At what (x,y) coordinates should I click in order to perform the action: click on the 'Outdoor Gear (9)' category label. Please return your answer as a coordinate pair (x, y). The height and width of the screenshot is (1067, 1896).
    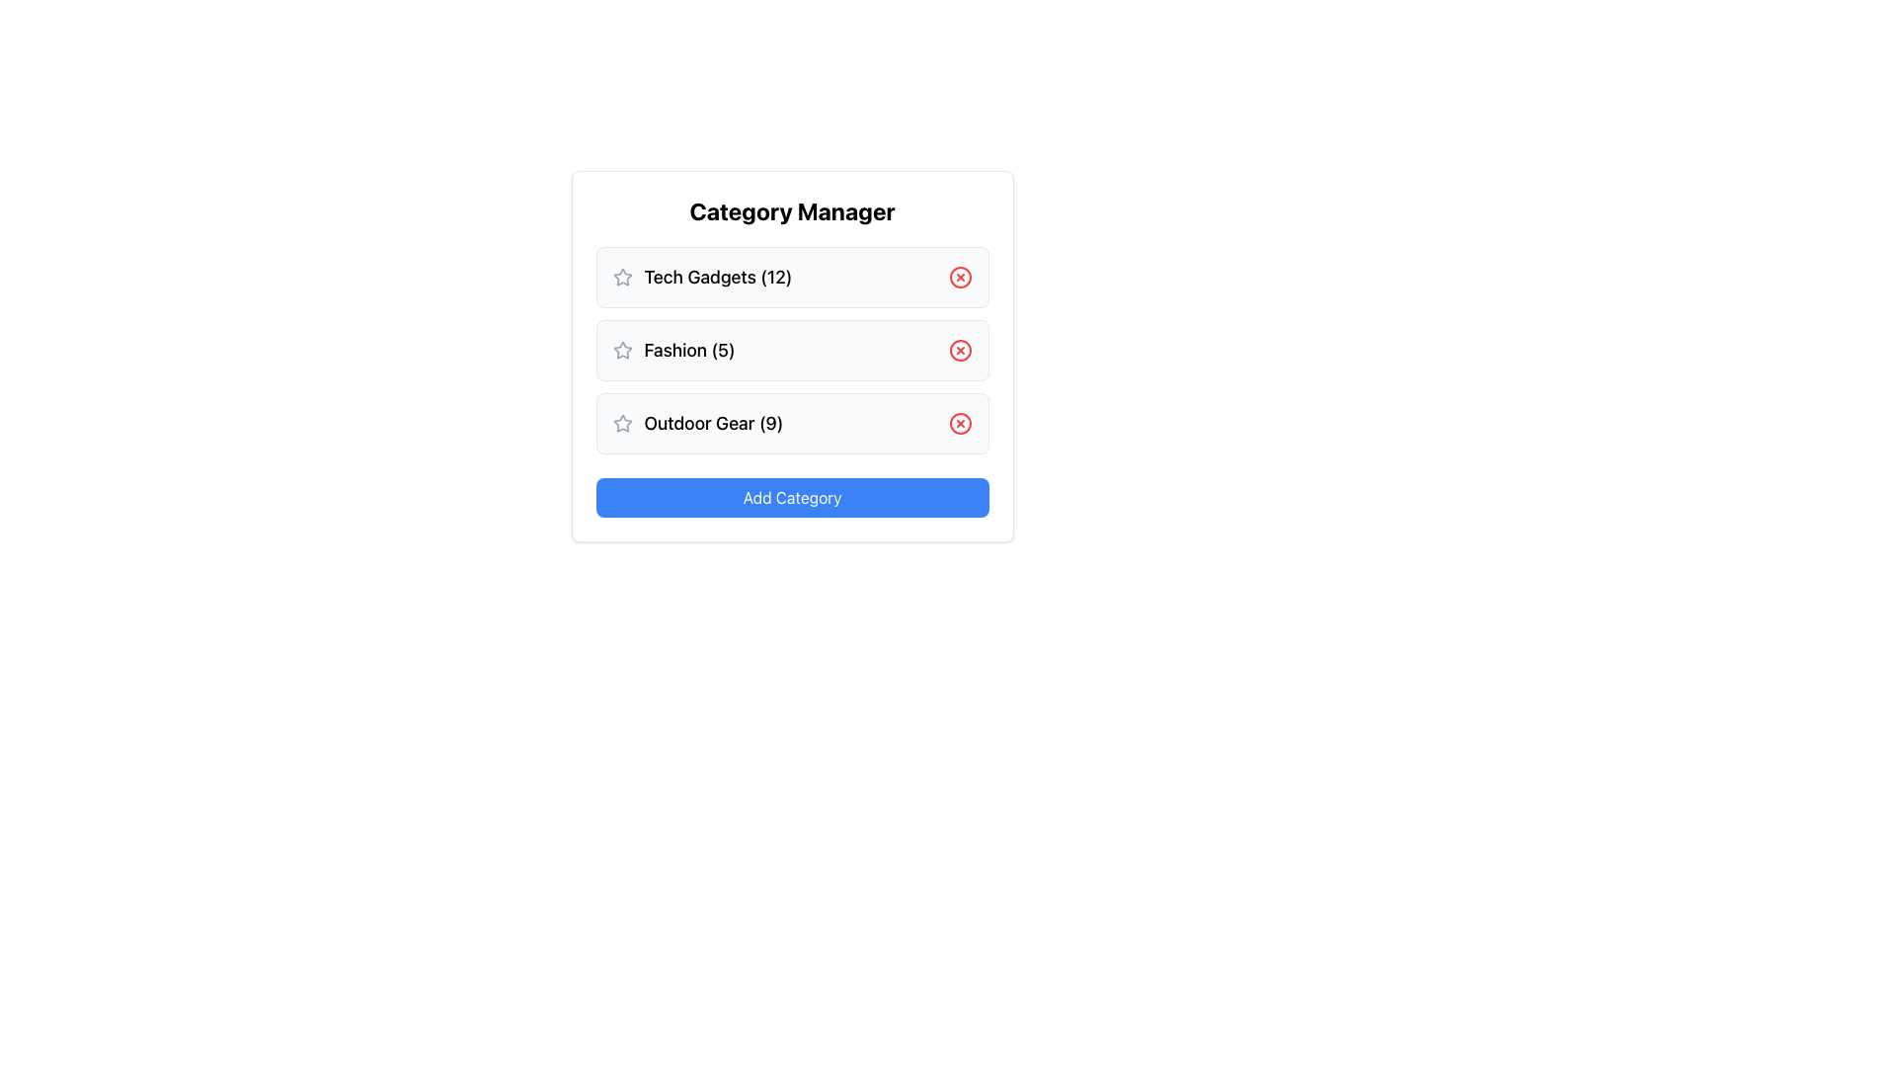
    Looking at the image, I should click on (697, 422).